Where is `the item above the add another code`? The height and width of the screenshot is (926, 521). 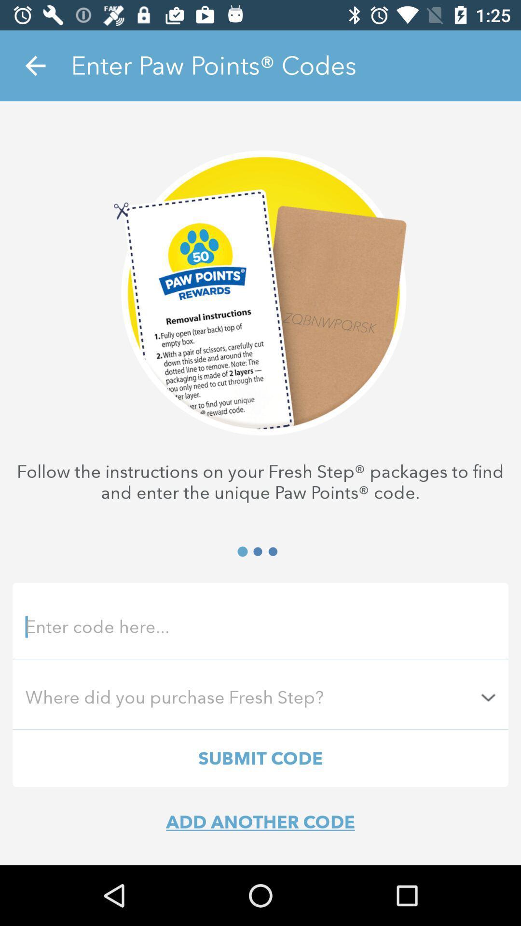 the item above the add another code is located at coordinates (260, 758).